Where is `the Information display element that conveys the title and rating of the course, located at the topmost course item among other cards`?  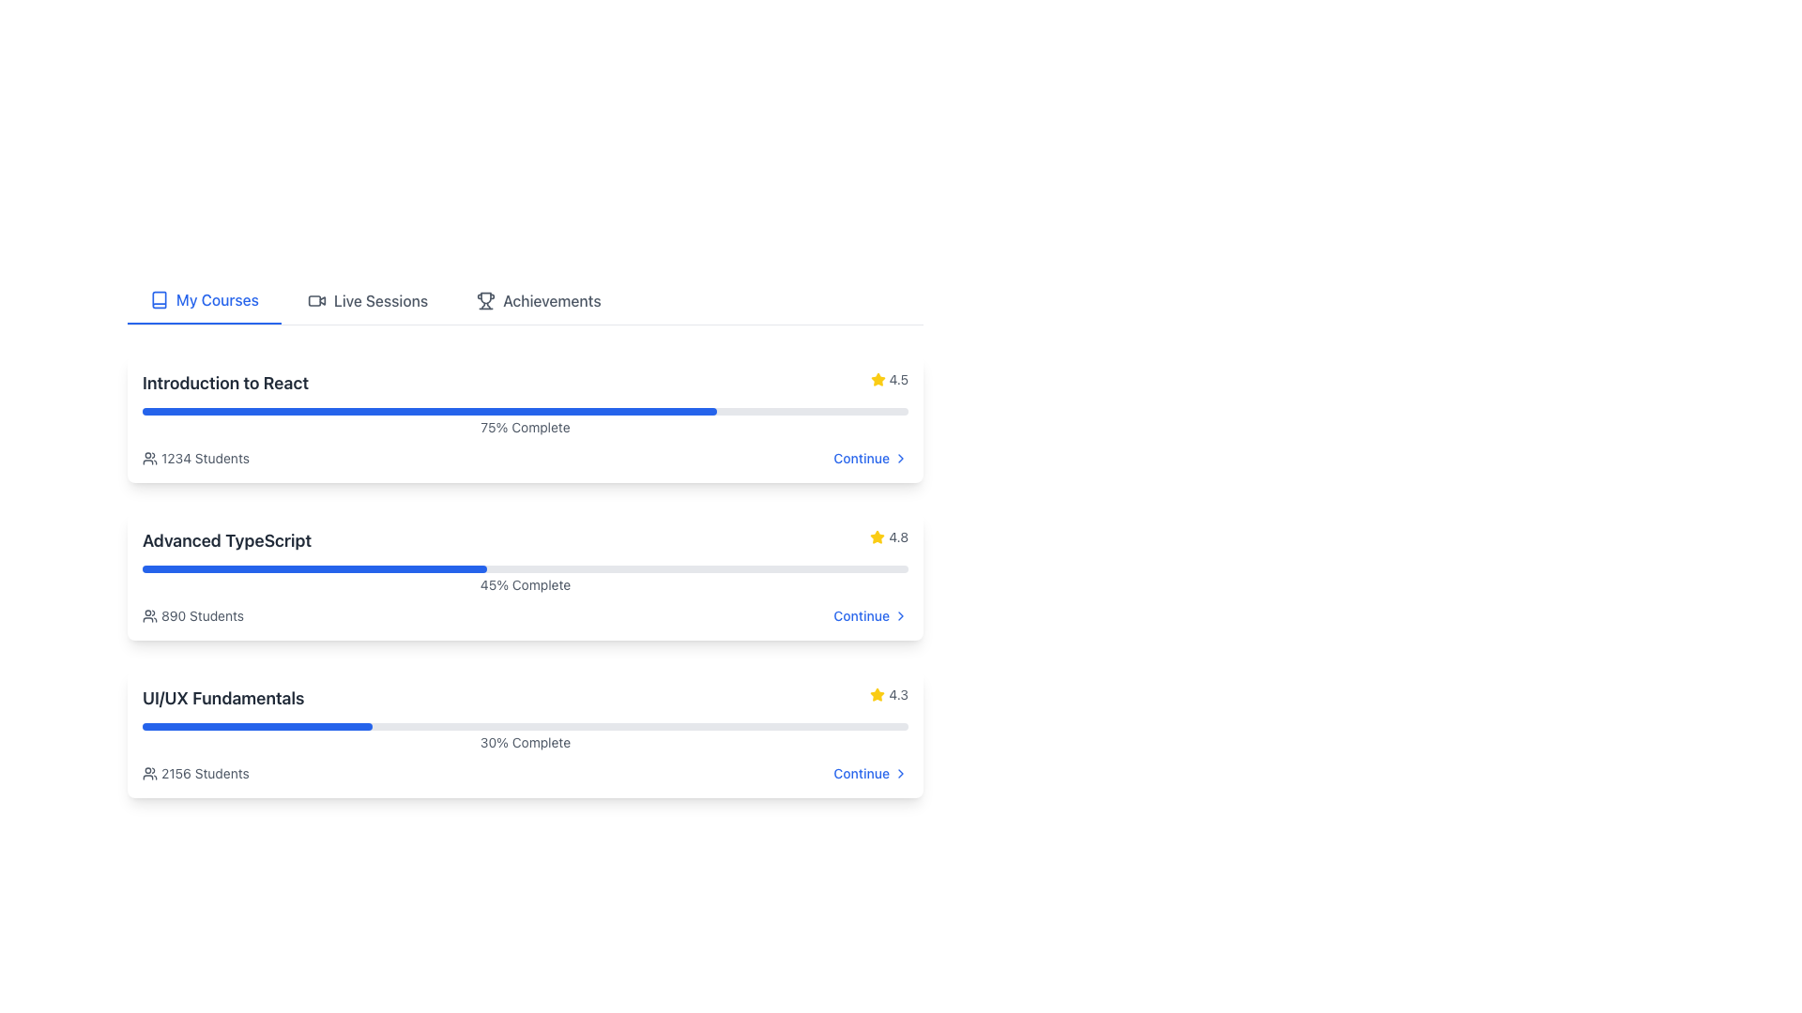
the Information display element that conveys the title and rating of the course, located at the topmost course item among other cards is located at coordinates (526, 382).